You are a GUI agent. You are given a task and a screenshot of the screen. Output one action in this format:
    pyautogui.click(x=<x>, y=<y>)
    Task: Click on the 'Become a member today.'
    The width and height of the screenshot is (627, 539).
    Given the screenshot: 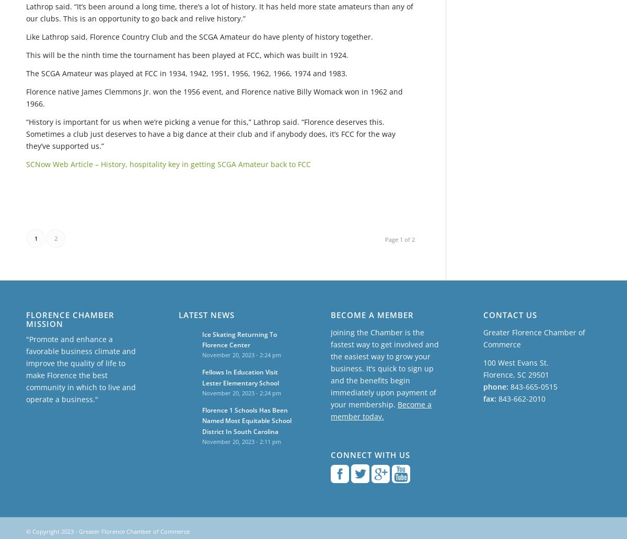 What is the action you would take?
    pyautogui.click(x=381, y=410)
    